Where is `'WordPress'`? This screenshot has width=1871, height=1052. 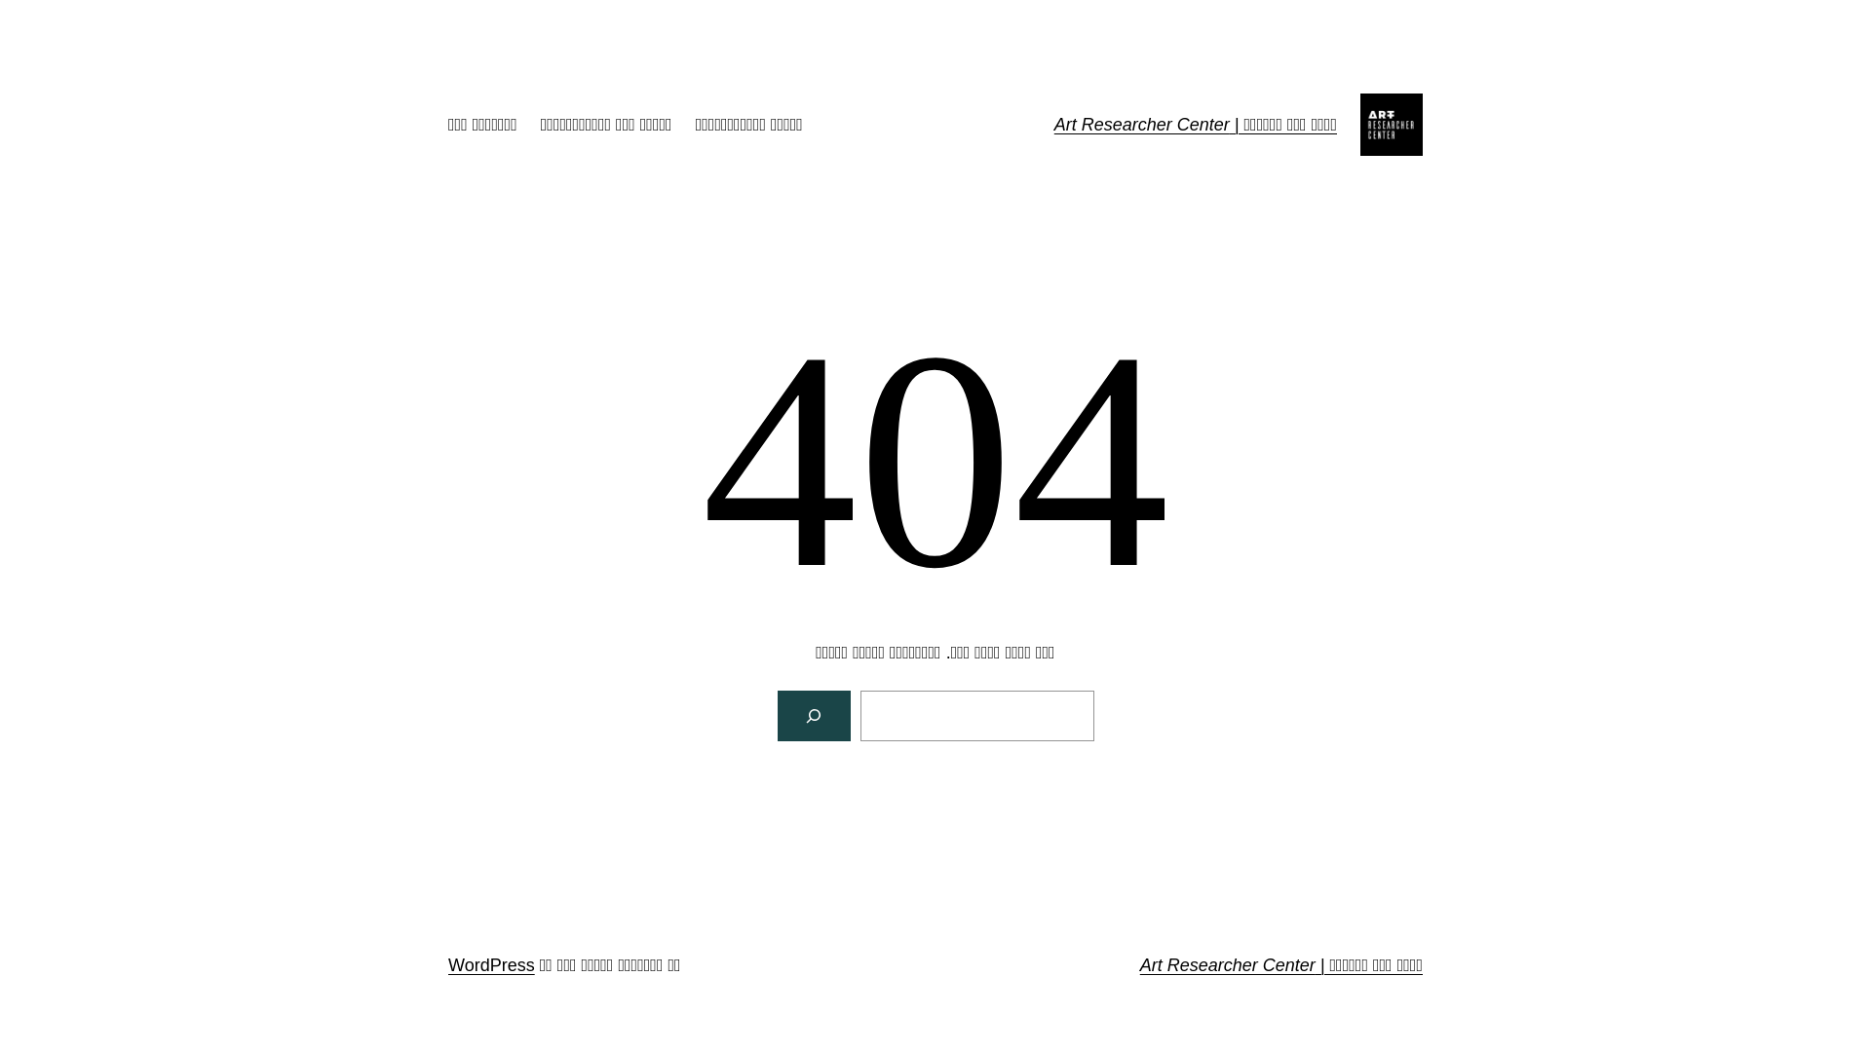
'WordPress' is located at coordinates (491, 965).